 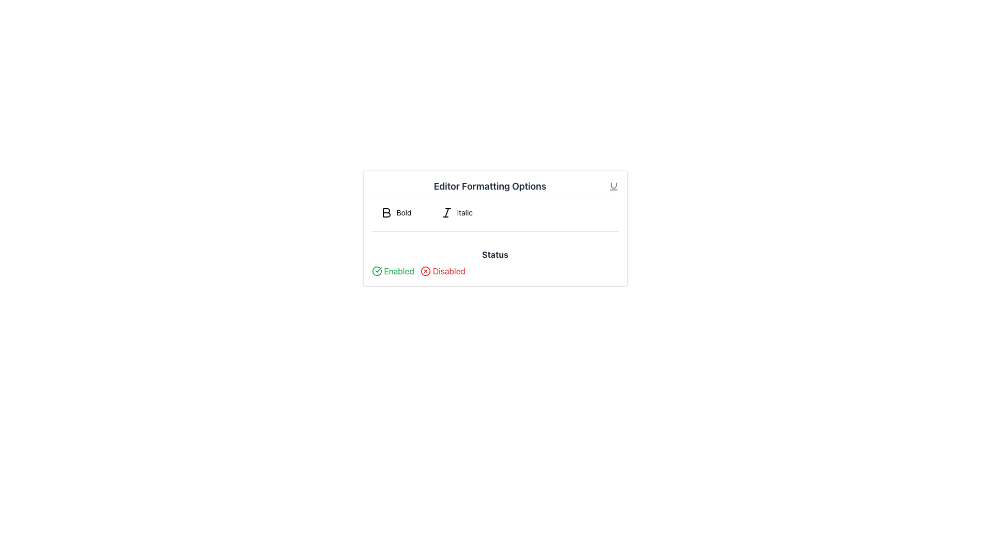 I want to click on the green checkmark icon enclosed in a circle, which indicates an enabled state, located to the left of the 'Enabled' label under the 'Status' header, so click(x=376, y=270).